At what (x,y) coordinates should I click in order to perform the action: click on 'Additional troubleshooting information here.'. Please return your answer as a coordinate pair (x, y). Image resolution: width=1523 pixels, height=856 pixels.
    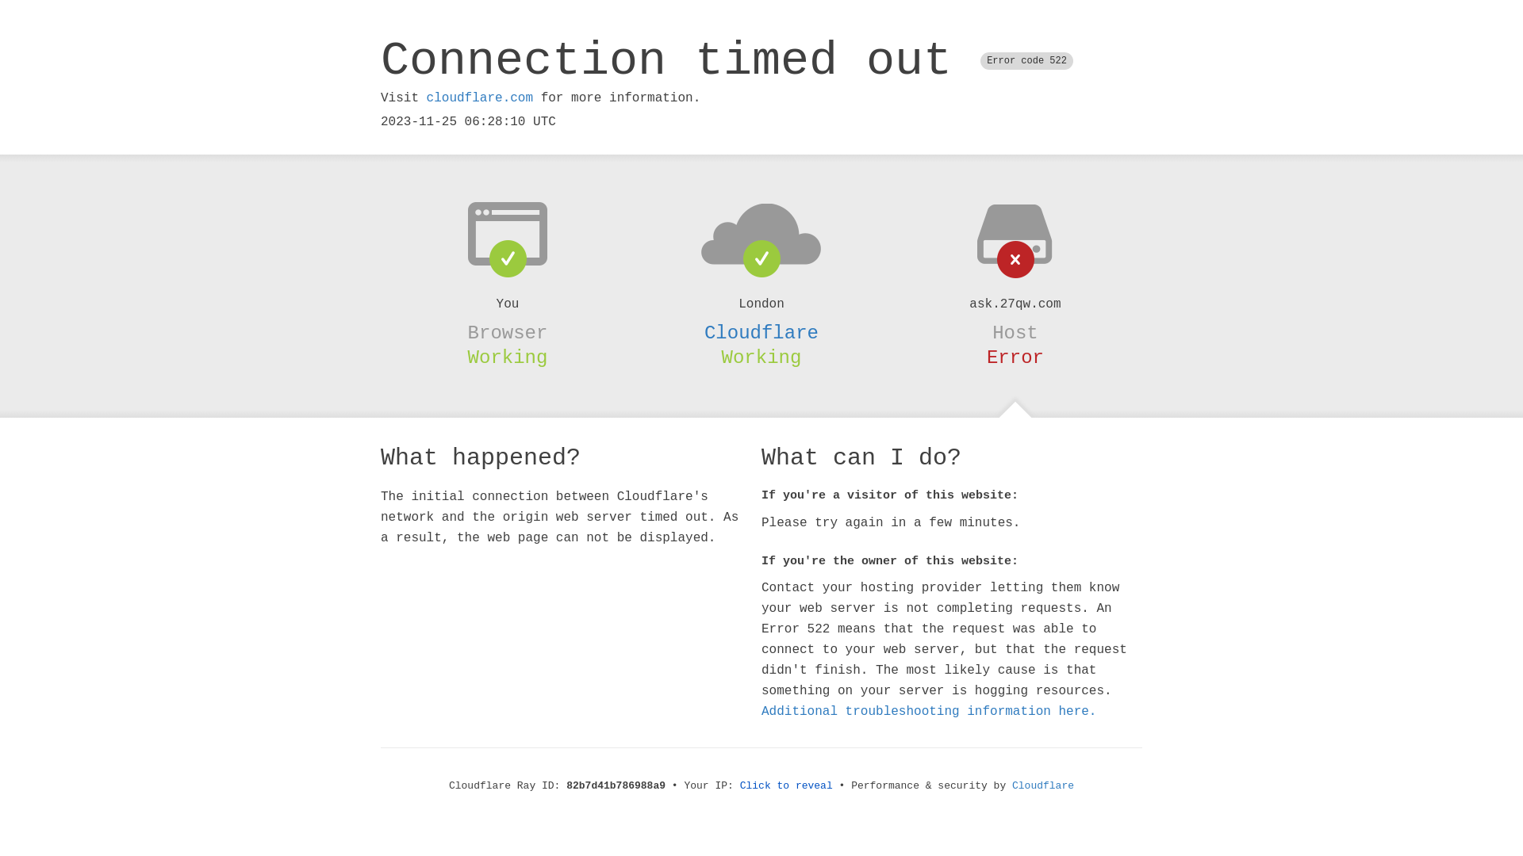
    Looking at the image, I should click on (929, 711).